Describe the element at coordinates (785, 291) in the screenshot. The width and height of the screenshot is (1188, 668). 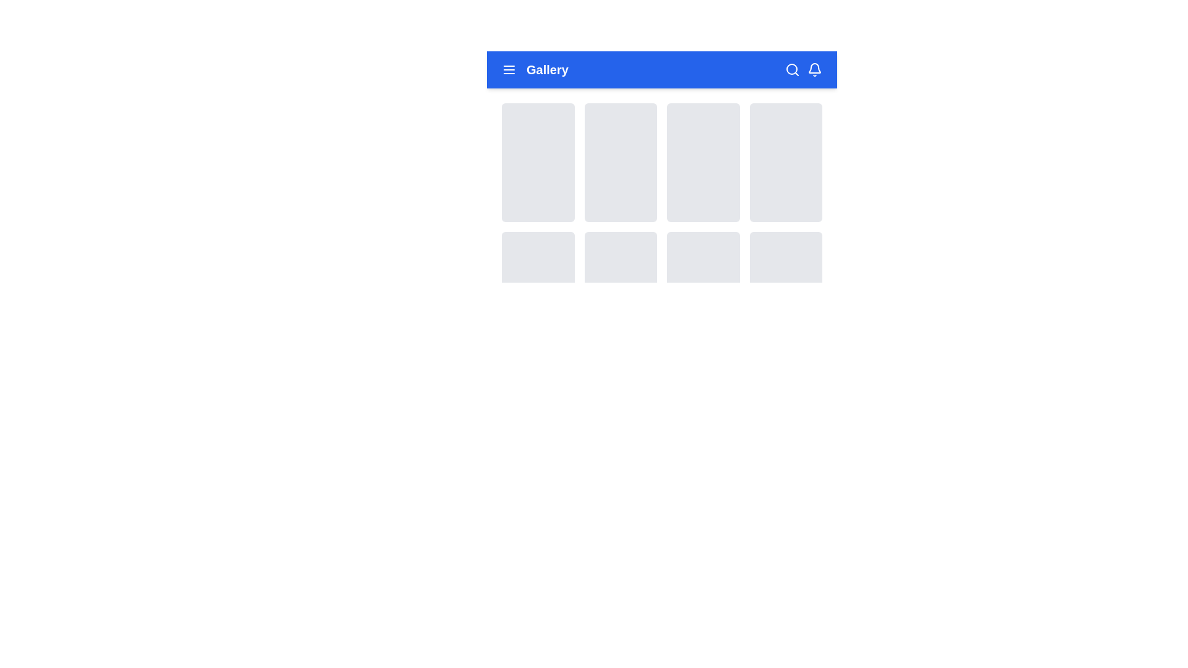
I see `the interactive card element with a light gray background and rounded corners located in the fourth column of the second row, below the blue navigation bar` at that location.